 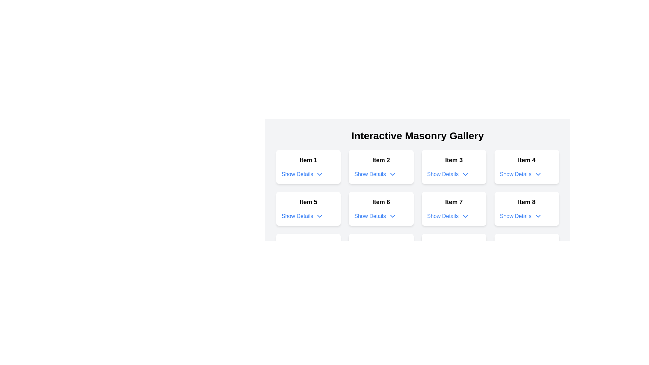 I want to click on the downward-facing chevron icon styled with a blue stroke, located to the right of the text 'Show Details', so click(x=319, y=216).